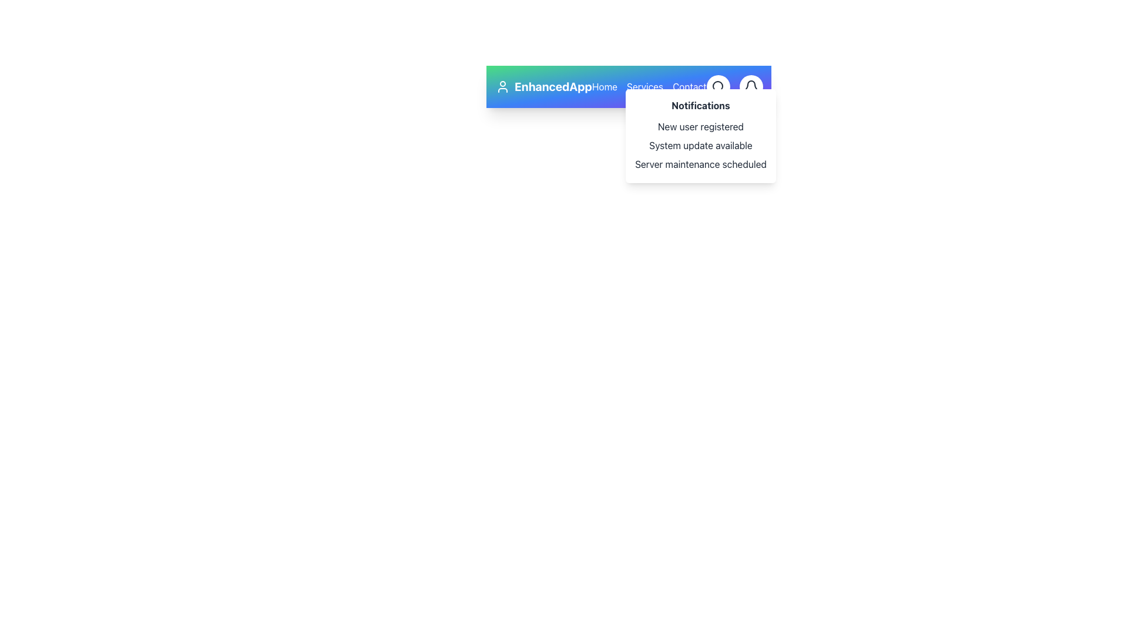 Image resolution: width=1128 pixels, height=634 pixels. What do you see at coordinates (644, 86) in the screenshot?
I see `the 'Services' text link in the navigation menu to trigger the underline styling` at bounding box center [644, 86].